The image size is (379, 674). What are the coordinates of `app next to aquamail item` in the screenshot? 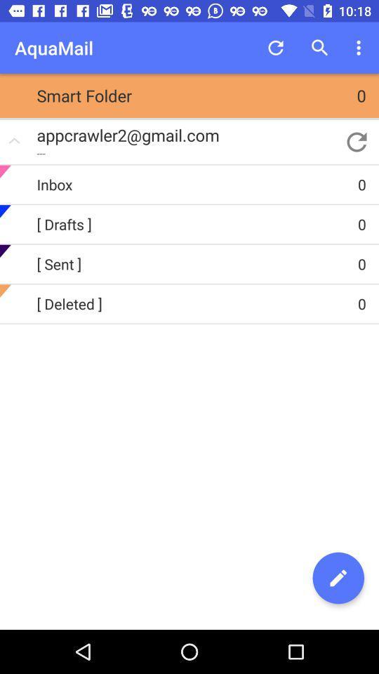 It's located at (276, 48).